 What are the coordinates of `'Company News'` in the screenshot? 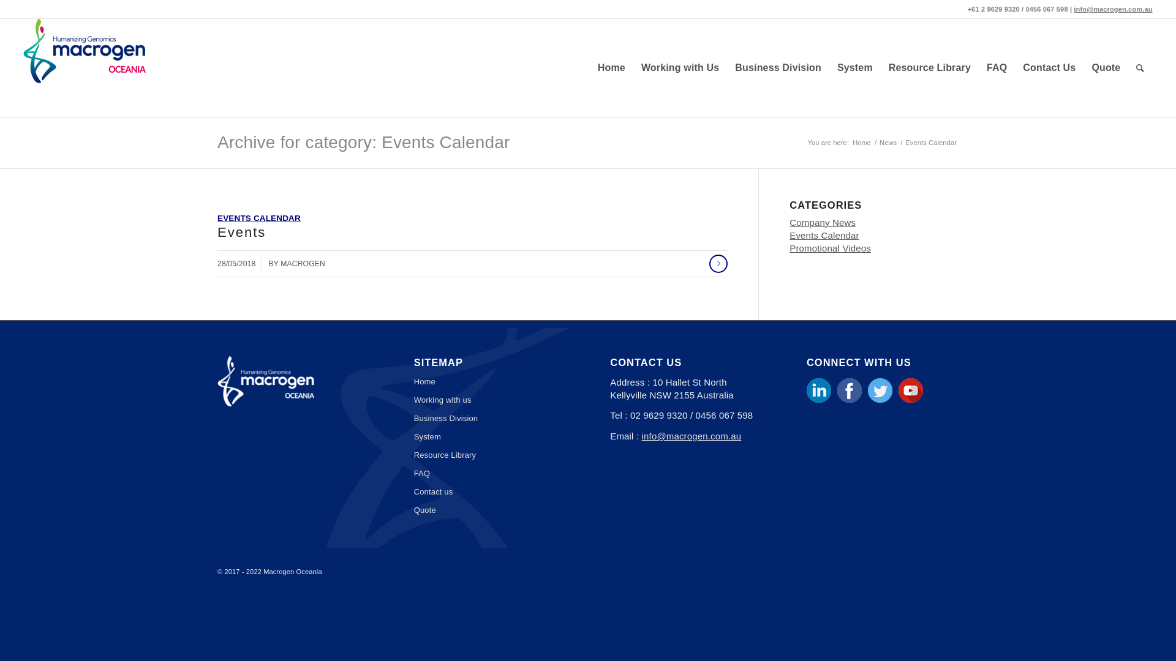 It's located at (823, 222).